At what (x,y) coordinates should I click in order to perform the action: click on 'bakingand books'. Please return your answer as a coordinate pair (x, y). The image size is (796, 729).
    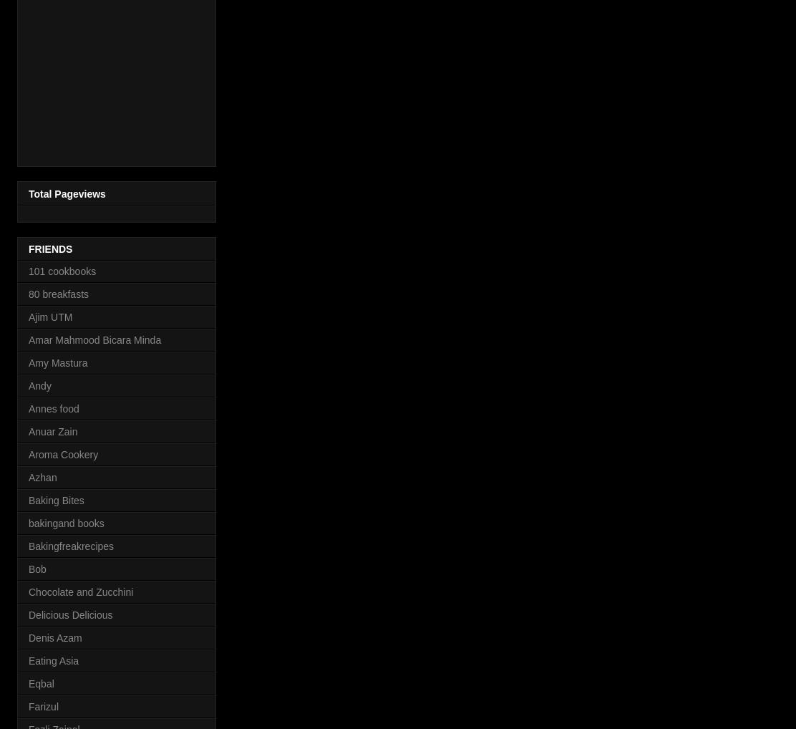
    Looking at the image, I should click on (65, 522).